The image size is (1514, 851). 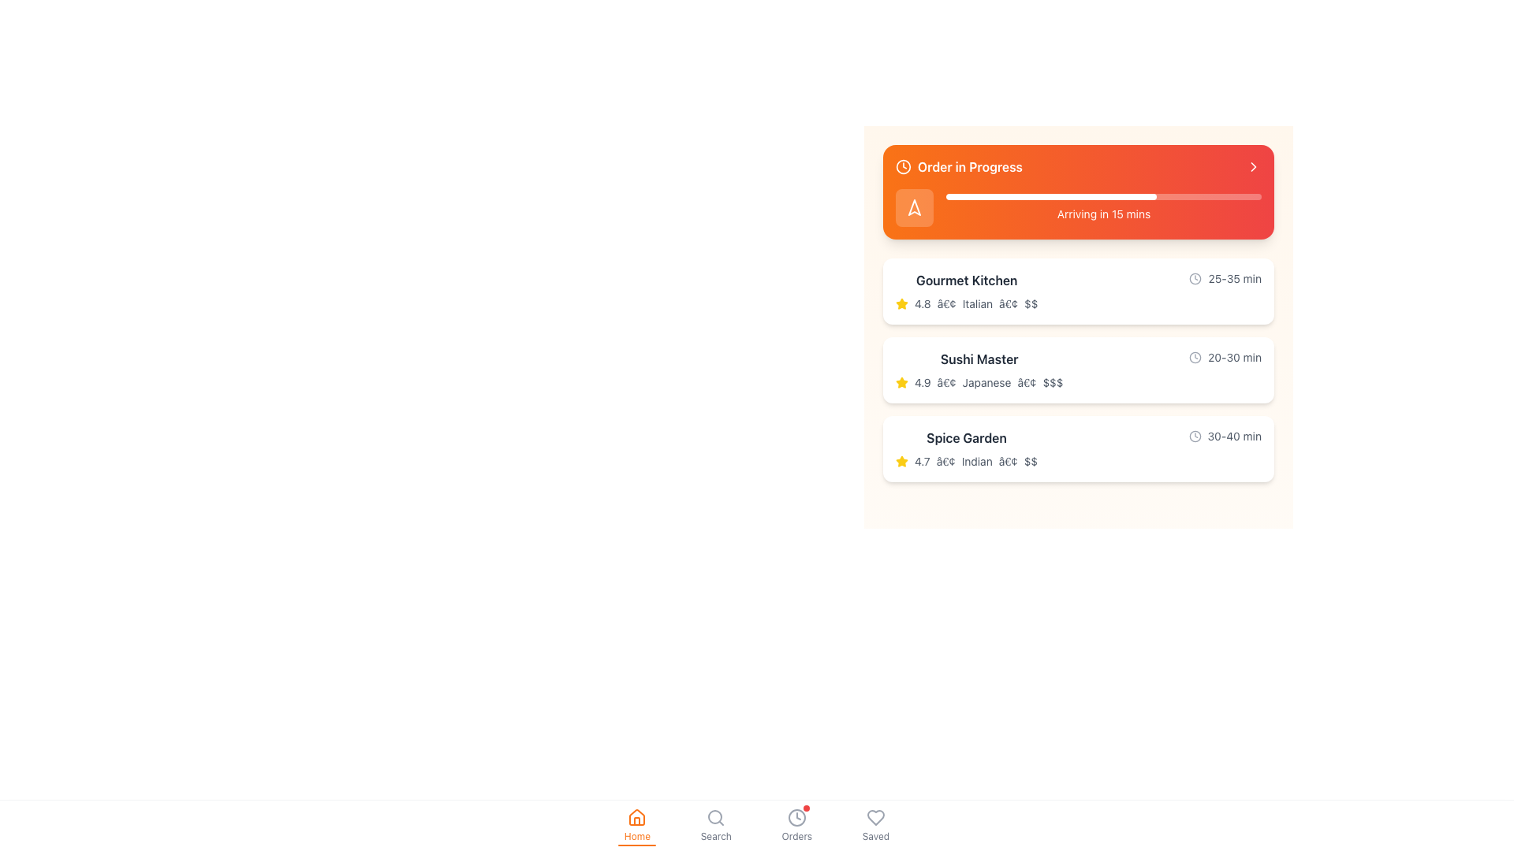 What do you see at coordinates (901, 461) in the screenshot?
I see `the rating indicator icon located to the left of the text '4.7' under the 'Spice Garden' entry in the third card below the 'Order in Progress' banner` at bounding box center [901, 461].